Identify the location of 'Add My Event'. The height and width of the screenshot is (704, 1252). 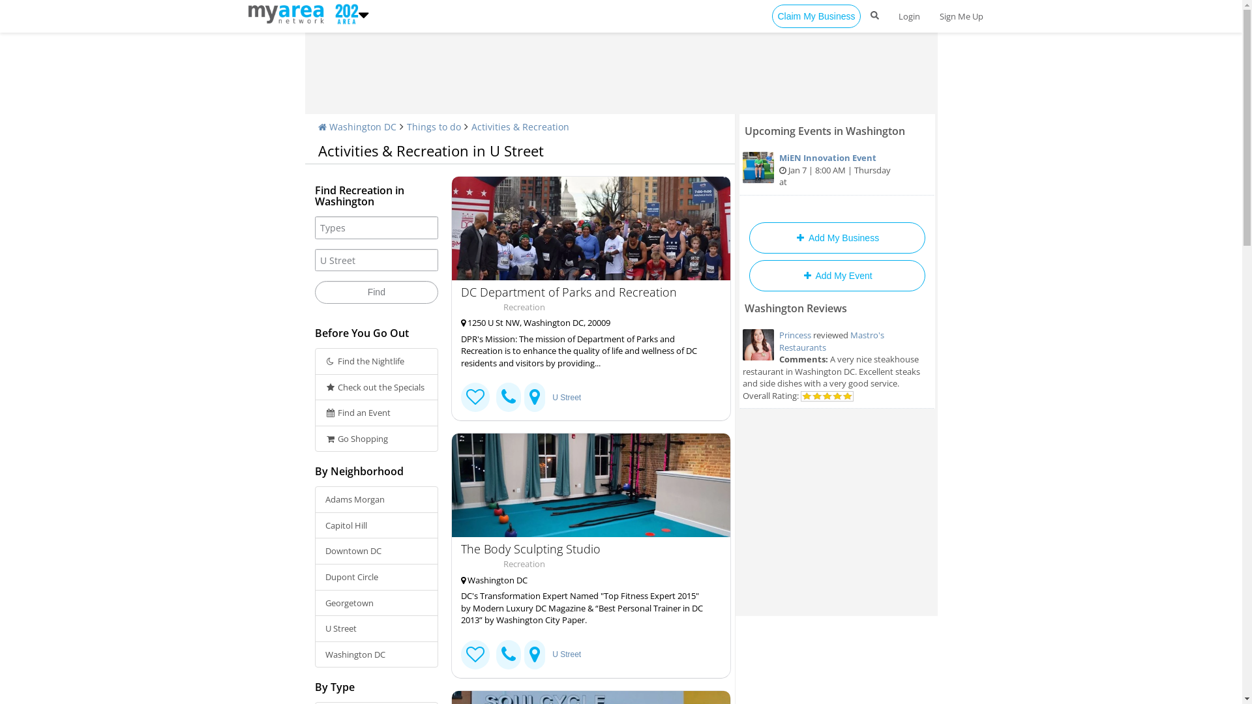
(836, 275).